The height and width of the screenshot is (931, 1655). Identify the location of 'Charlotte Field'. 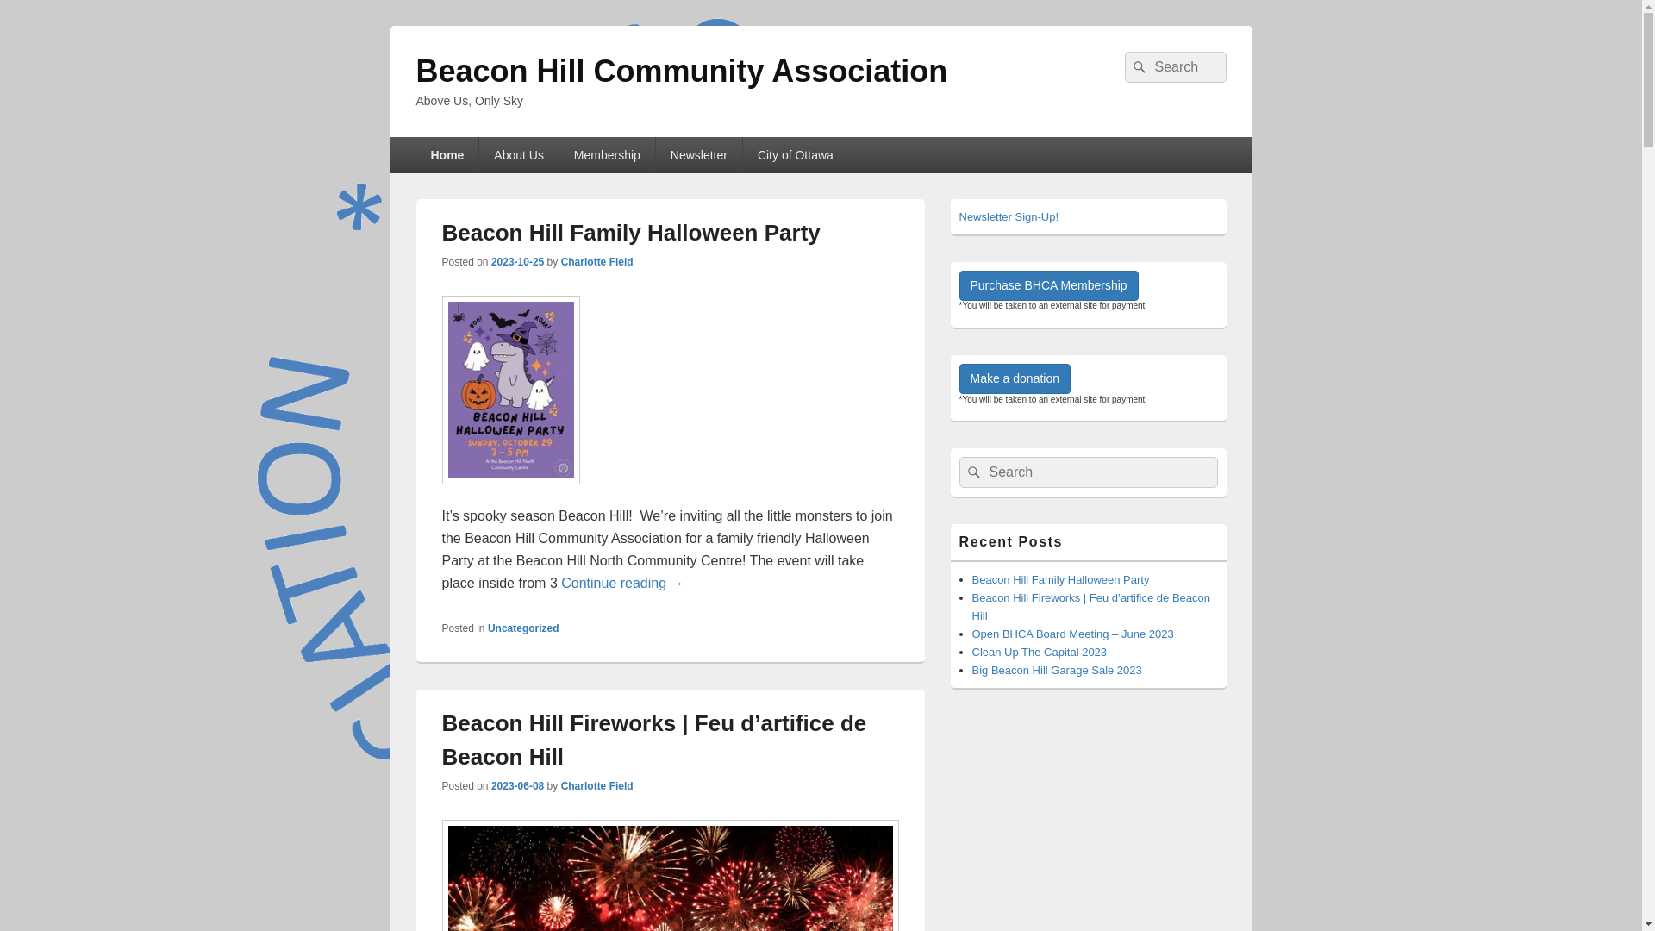
(596, 262).